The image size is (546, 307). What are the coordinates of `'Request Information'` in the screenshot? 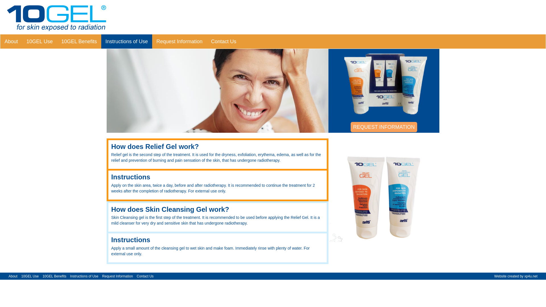 It's located at (102, 276).